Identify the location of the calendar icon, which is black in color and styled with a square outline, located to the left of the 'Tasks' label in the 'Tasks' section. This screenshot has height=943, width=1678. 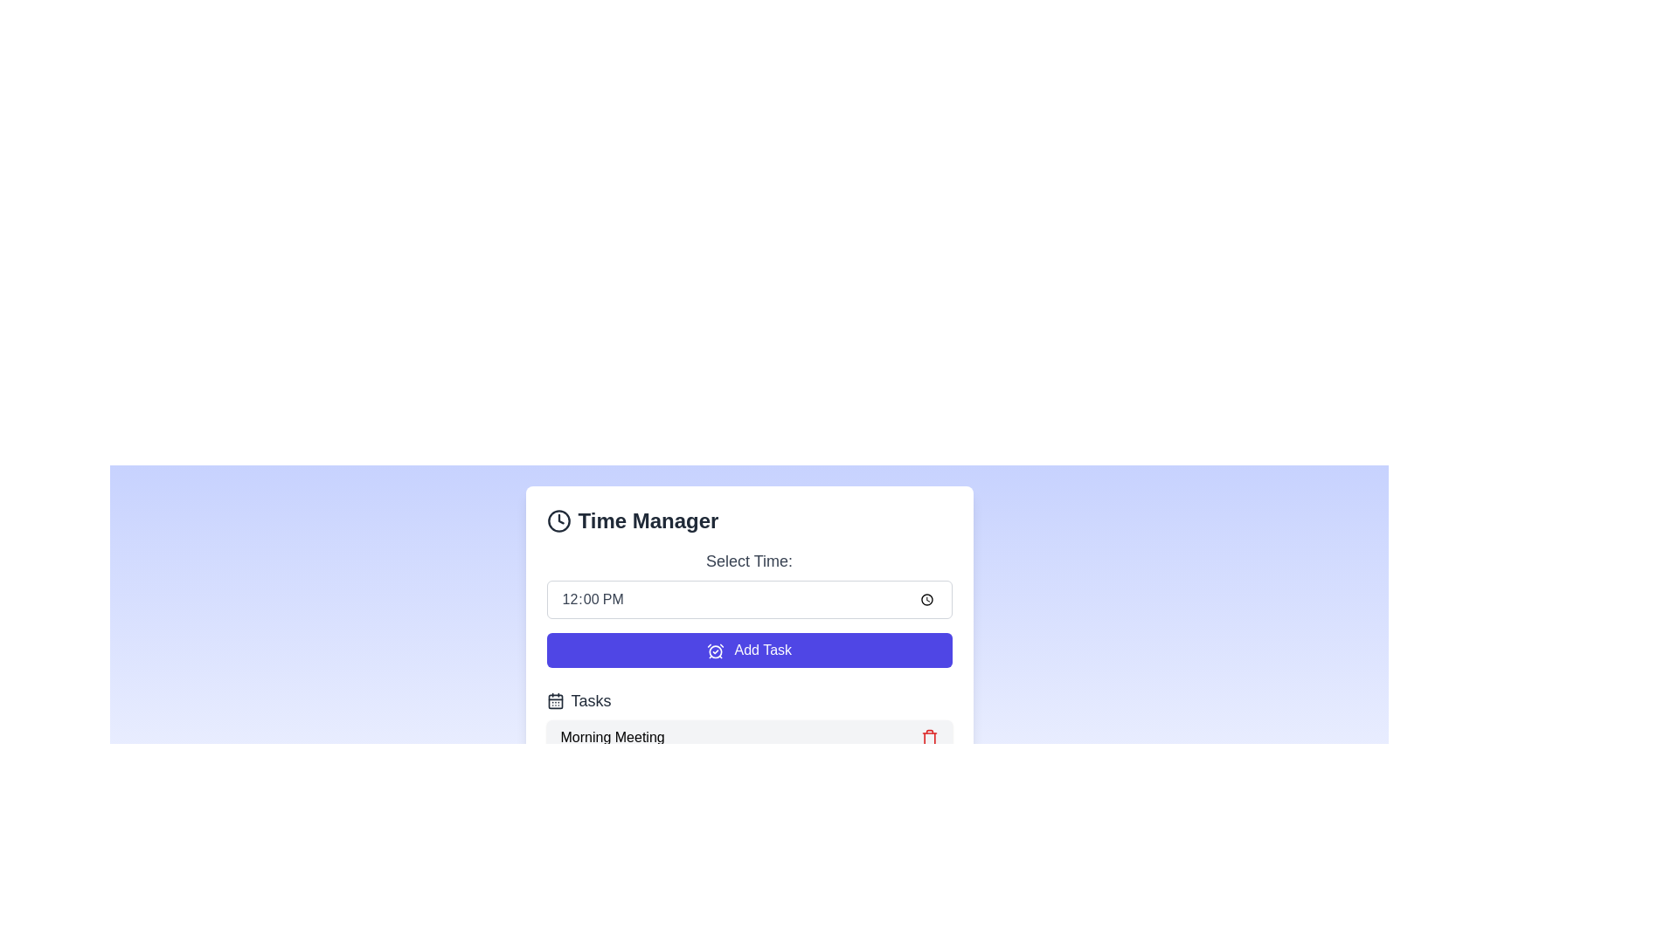
(554, 699).